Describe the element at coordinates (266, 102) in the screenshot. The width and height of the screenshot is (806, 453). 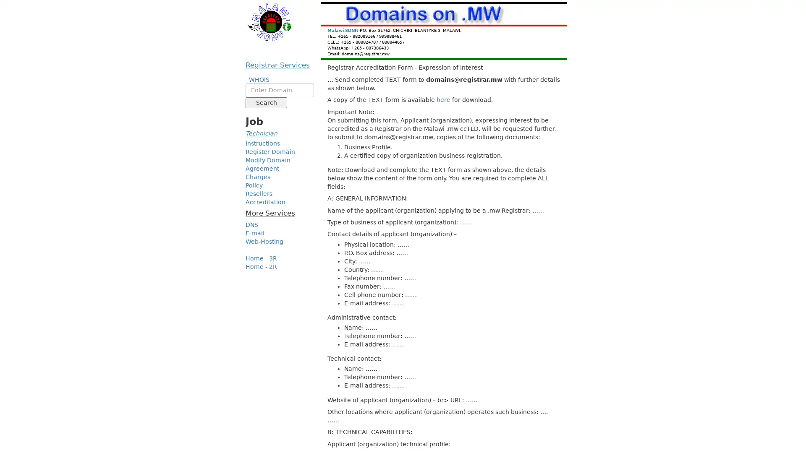
I see `Search` at that location.